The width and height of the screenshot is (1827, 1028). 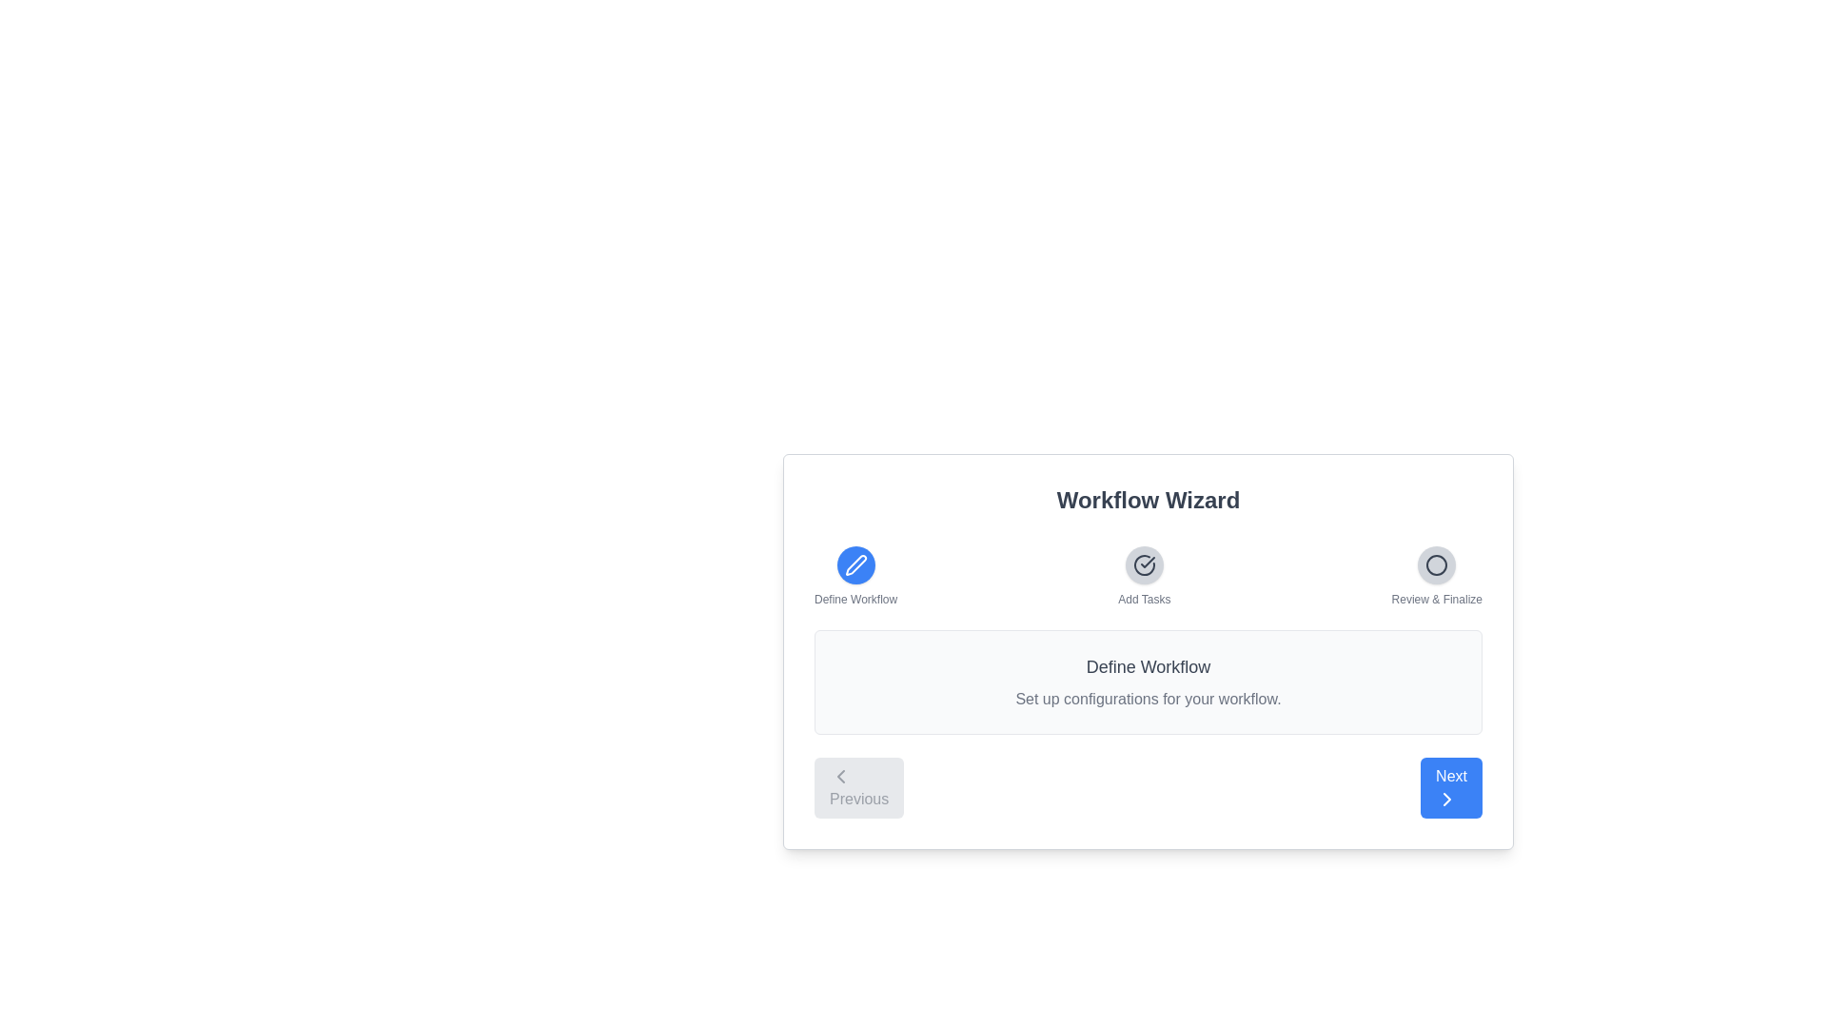 What do you see at coordinates (855, 598) in the screenshot?
I see `the text label element that describes the step 'Define Workflow', positioned below the blue circular icon with a pen symbol` at bounding box center [855, 598].